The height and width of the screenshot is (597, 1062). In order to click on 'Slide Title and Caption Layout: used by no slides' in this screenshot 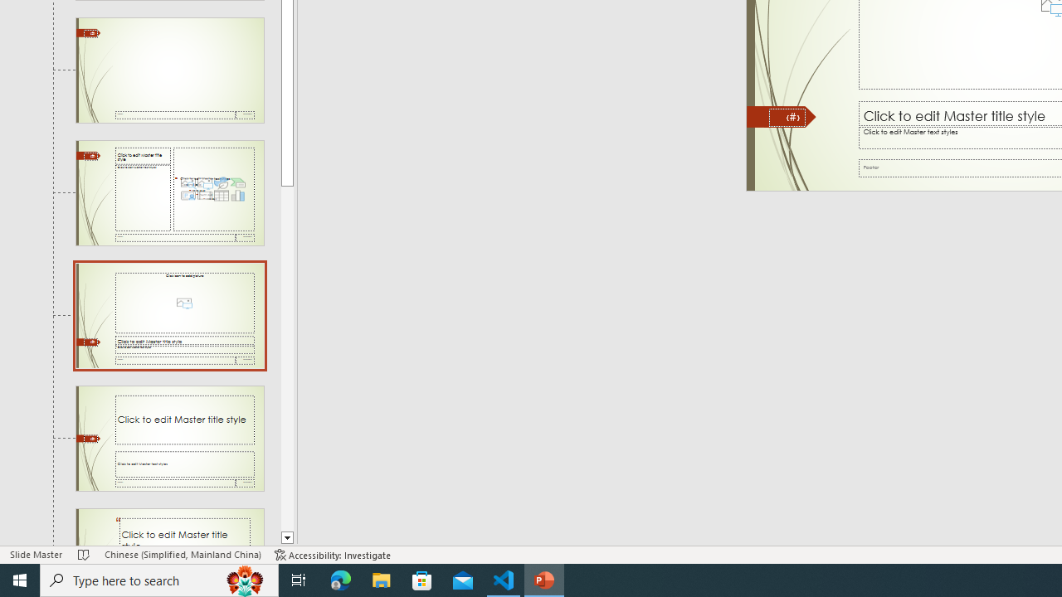, I will do `click(169, 437)`.